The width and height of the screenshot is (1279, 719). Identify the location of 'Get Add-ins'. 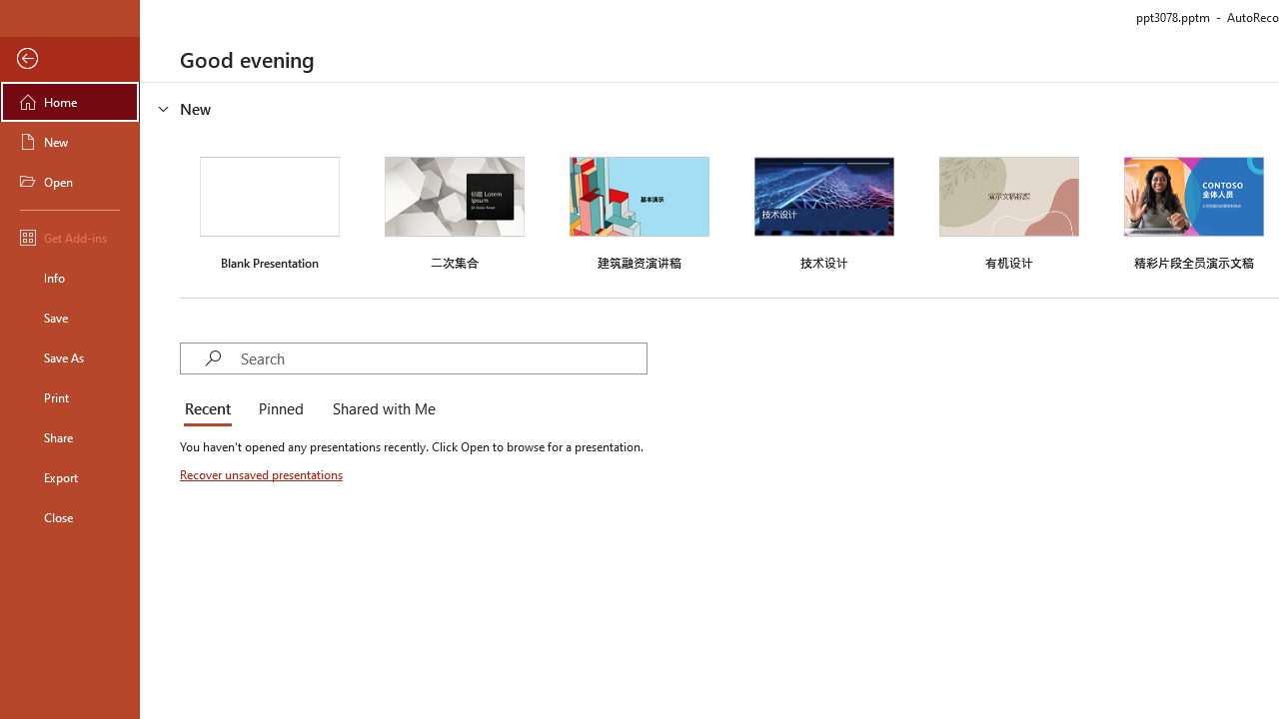
(69, 236).